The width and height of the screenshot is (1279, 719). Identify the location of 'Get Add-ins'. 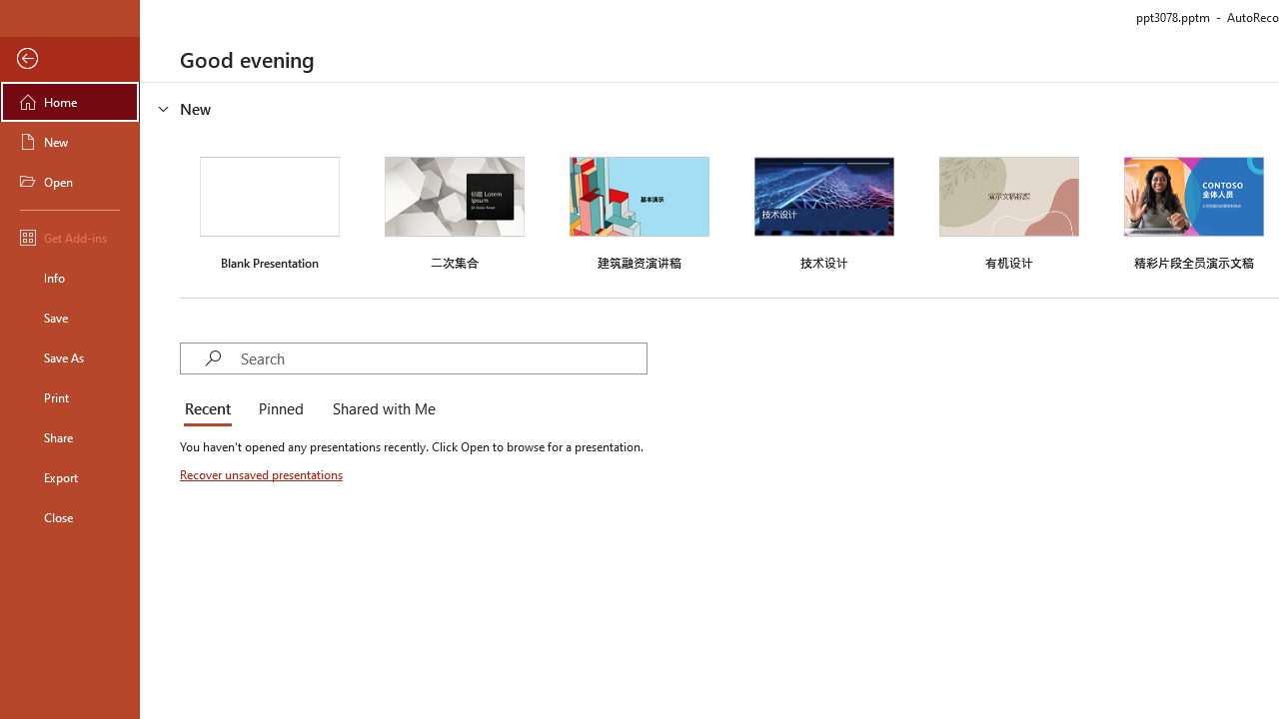
(69, 236).